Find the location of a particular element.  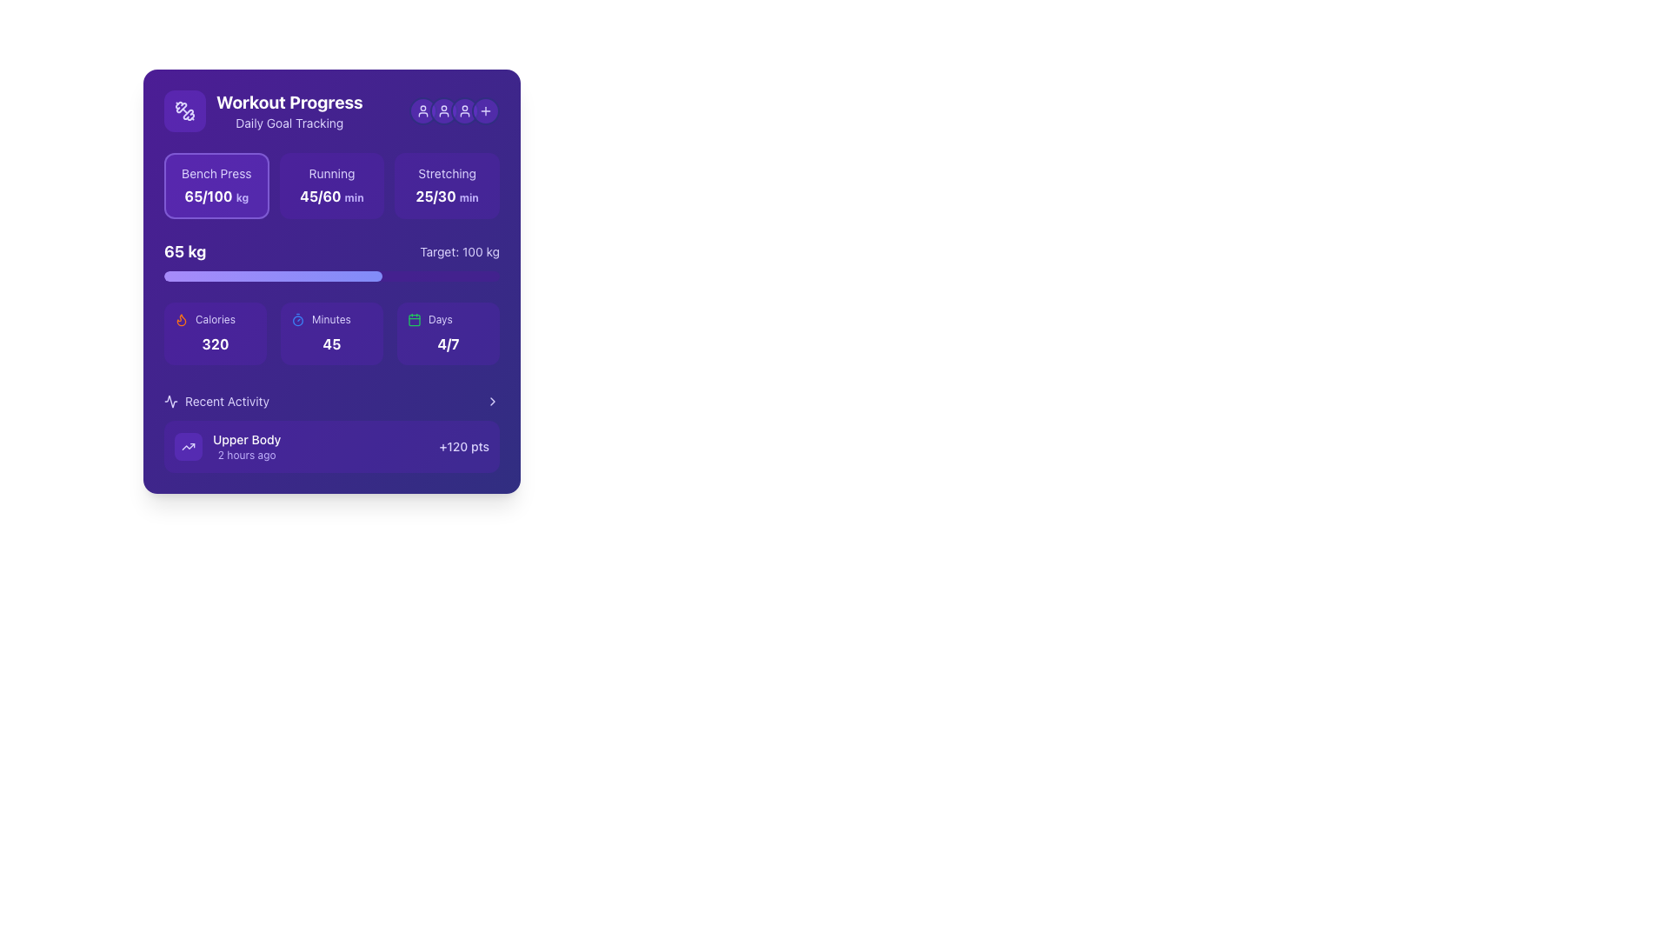

the 'Bench Press' interactive tile in the 'Workout Progress' section is located at coordinates (216, 185).